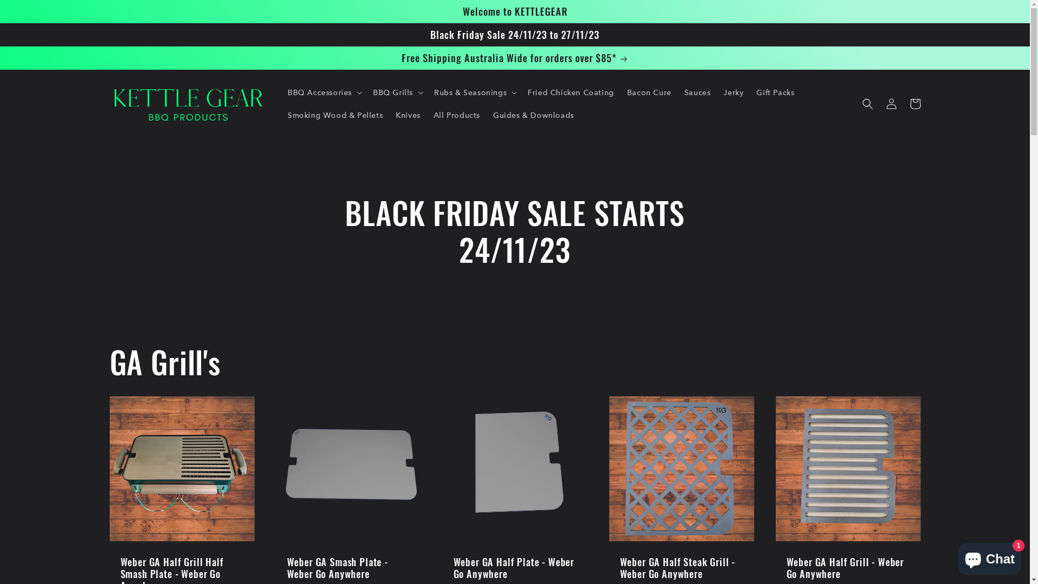  I want to click on 'Gift Packs', so click(775, 91).